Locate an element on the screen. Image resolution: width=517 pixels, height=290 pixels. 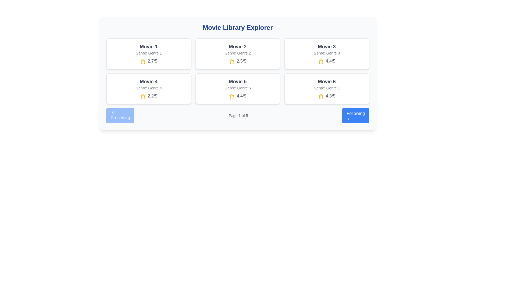
the right-pointing chevron icon located near the right side of the 'Following' button's text is located at coordinates (349, 119).